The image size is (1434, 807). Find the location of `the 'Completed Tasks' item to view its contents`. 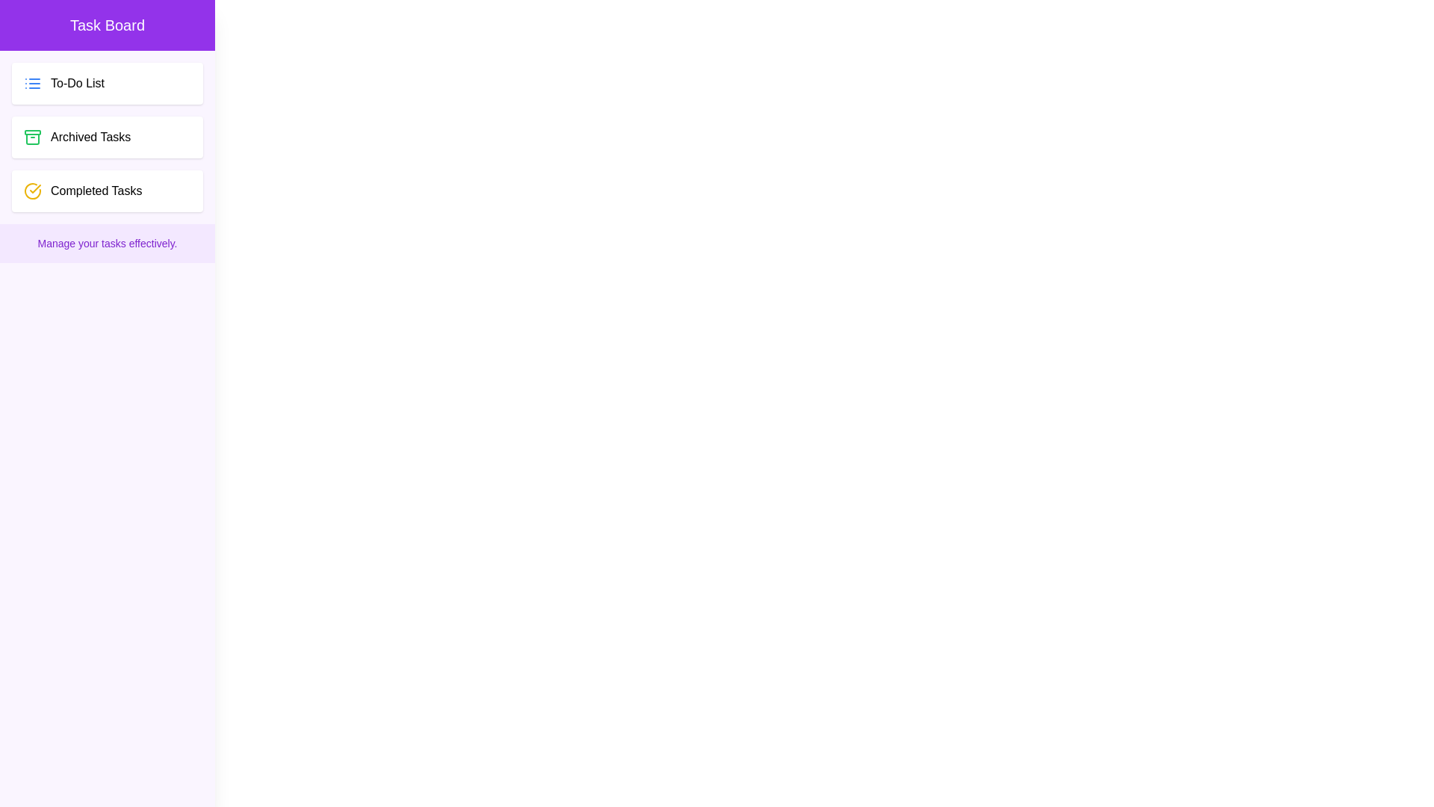

the 'Completed Tasks' item to view its contents is located at coordinates (107, 190).